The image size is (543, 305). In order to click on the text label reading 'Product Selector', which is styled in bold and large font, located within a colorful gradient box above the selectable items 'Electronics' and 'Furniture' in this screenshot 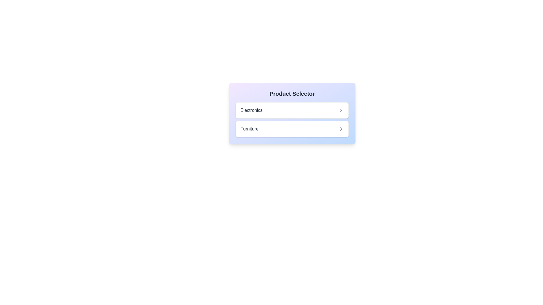, I will do `click(292, 93)`.